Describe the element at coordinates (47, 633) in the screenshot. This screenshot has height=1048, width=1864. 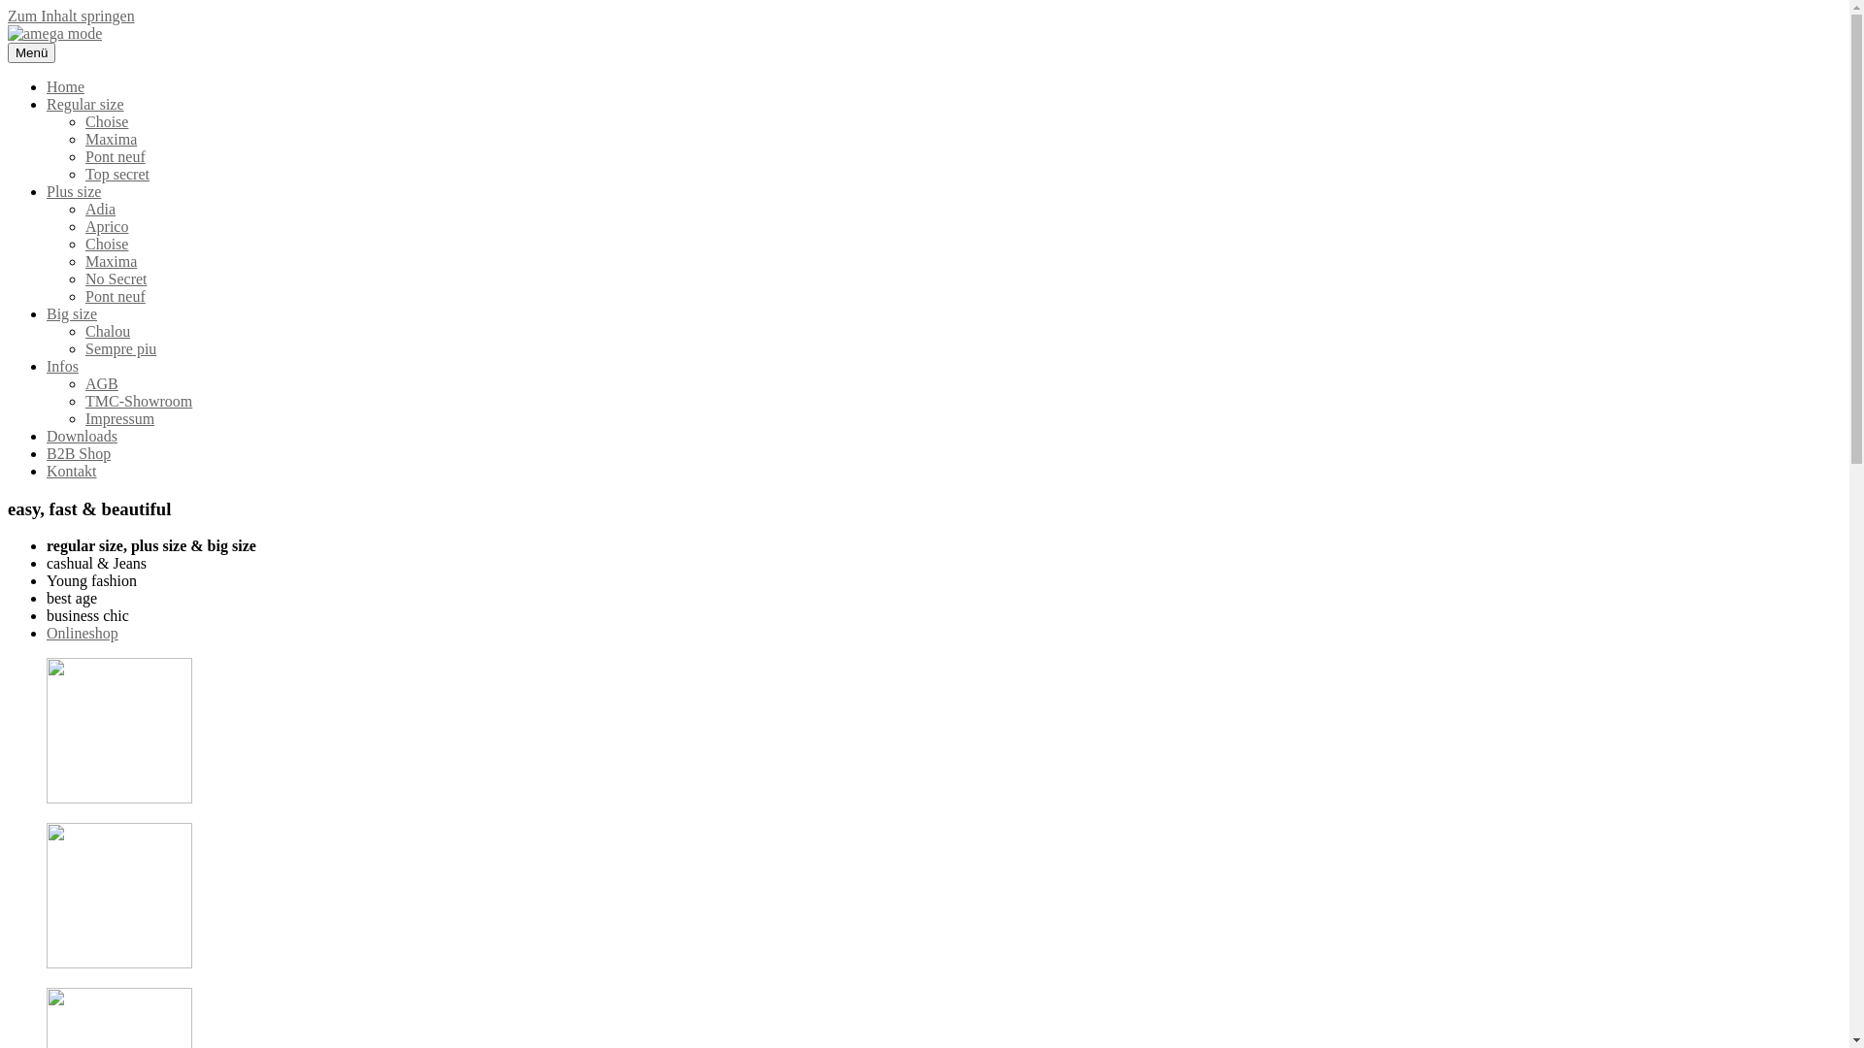
I see `'Onlineshop'` at that location.